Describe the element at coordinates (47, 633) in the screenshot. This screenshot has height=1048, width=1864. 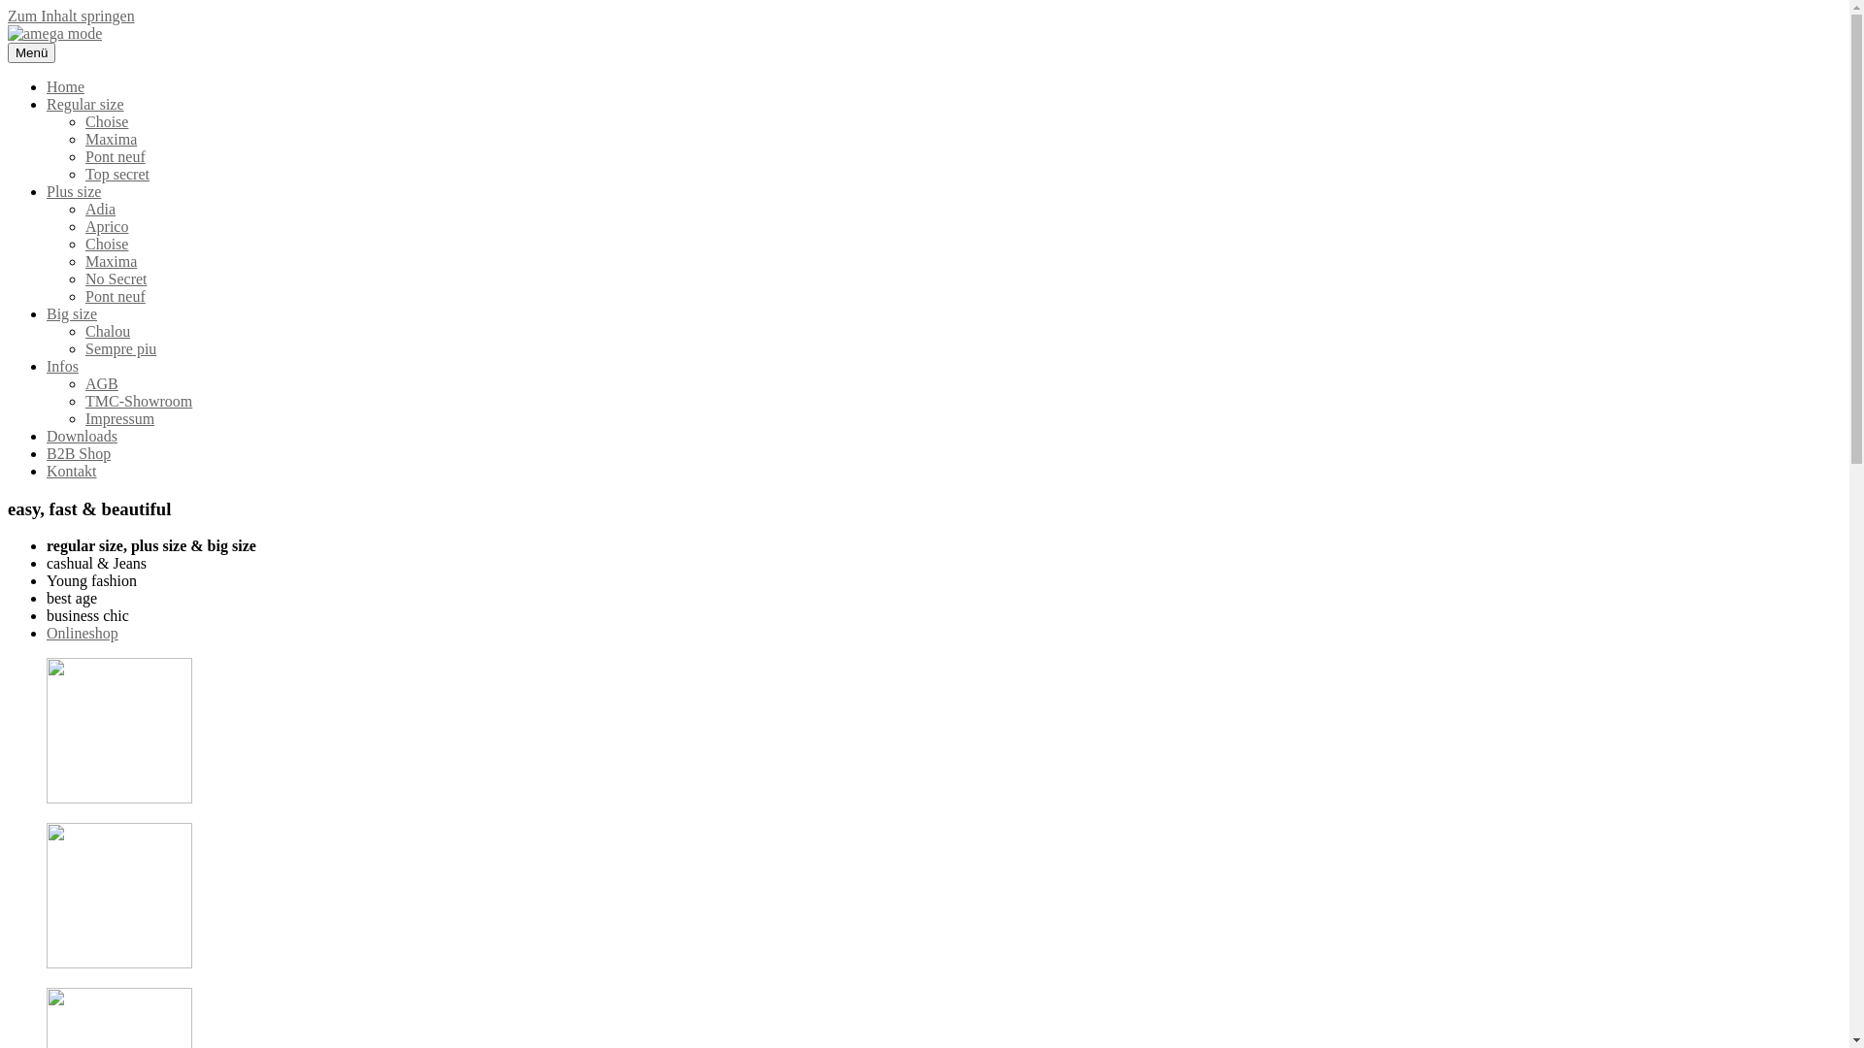
I see `'Onlineshop'` at that location.